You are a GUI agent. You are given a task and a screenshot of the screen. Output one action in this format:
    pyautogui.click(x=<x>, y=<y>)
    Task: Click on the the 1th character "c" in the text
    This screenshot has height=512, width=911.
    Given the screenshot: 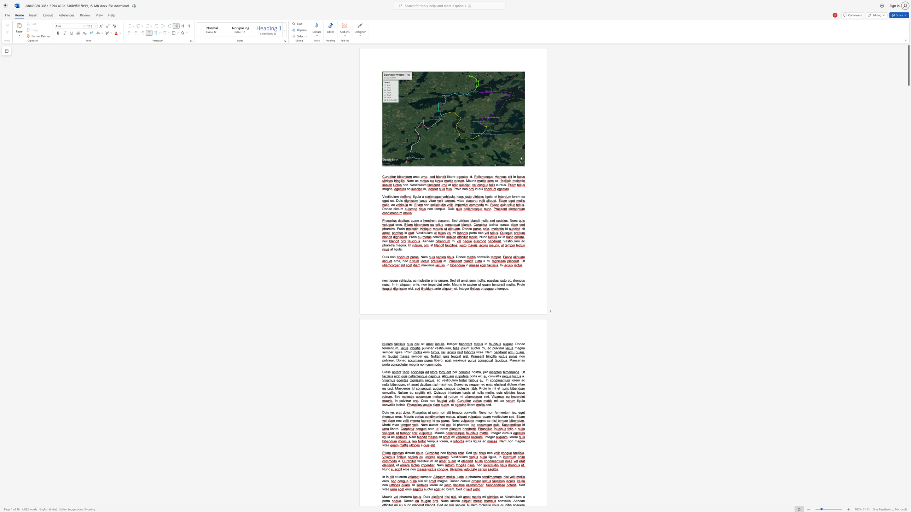 What is the action you would take?
    pyautogui.click(x=524, y=380)
    